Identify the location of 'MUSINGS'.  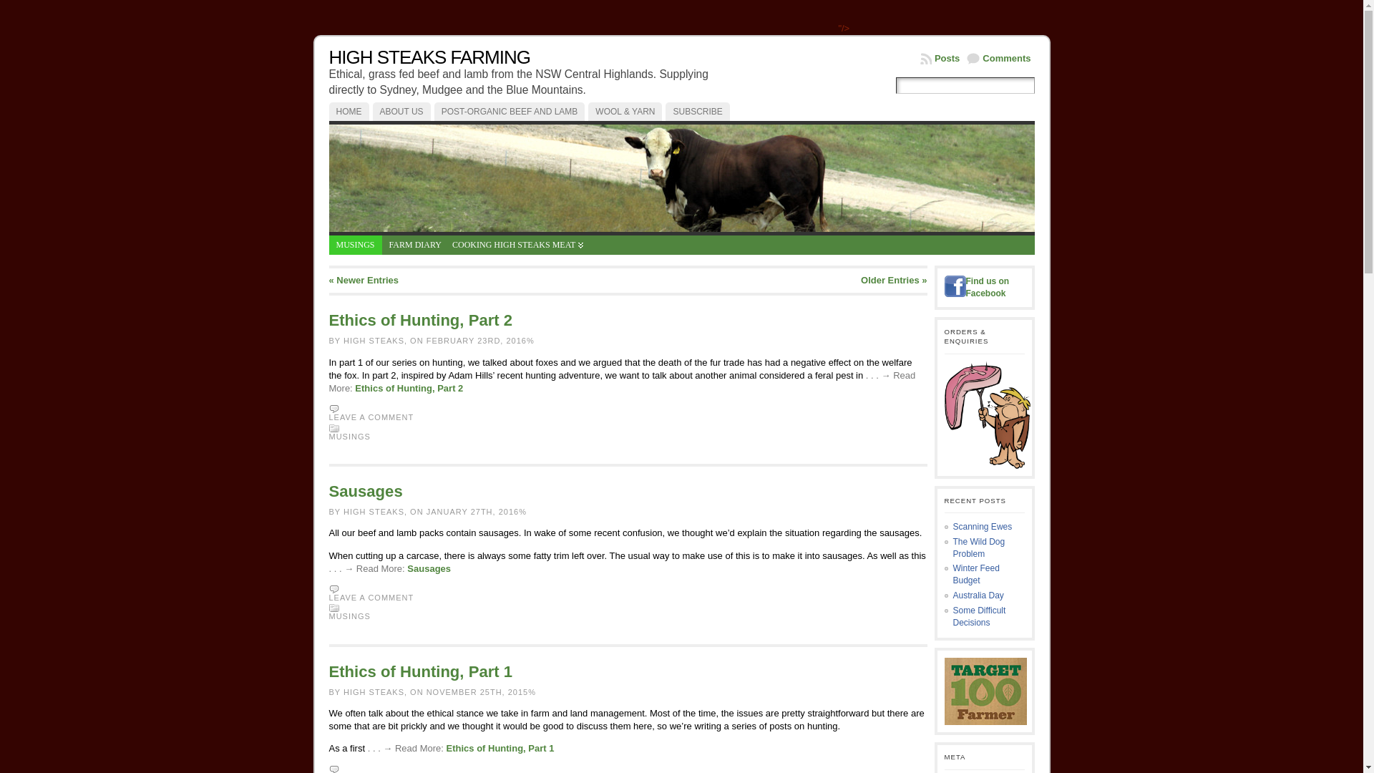
(356, 244).